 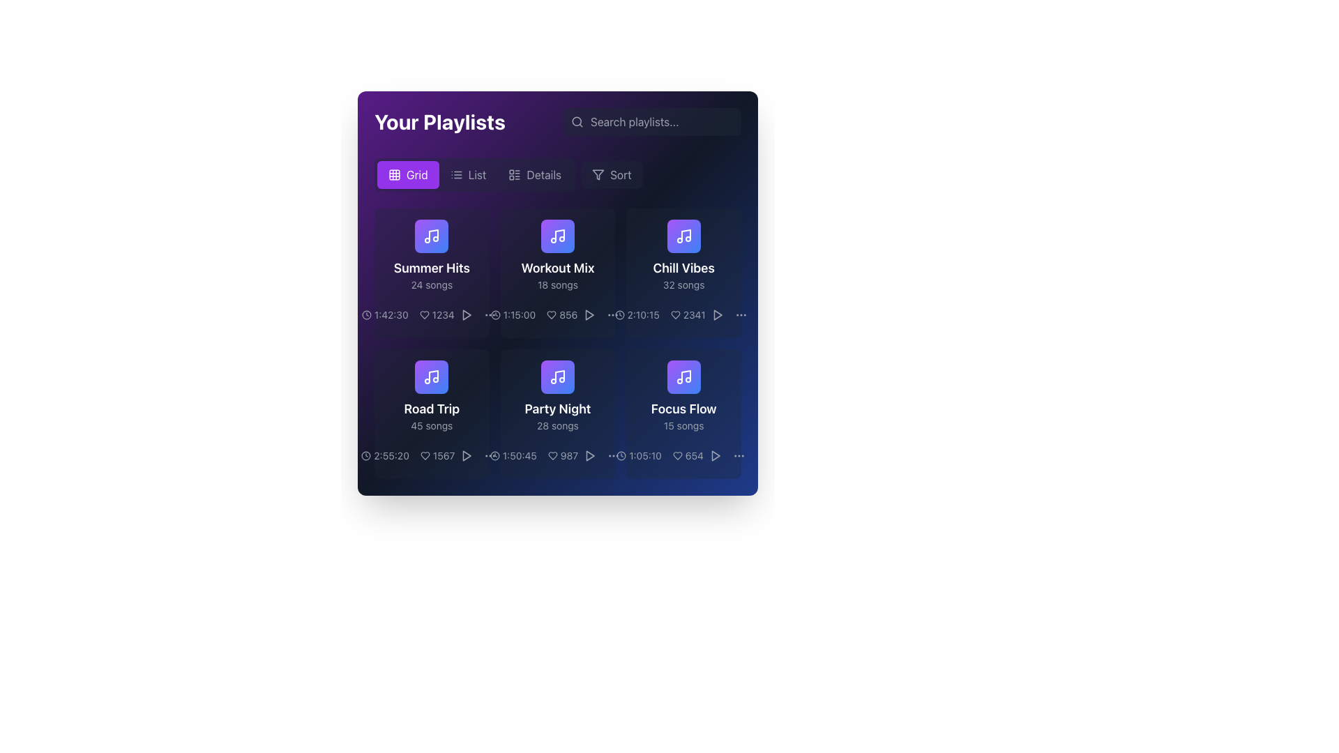 What do you see at coordinates (456, 174) in the screenshot?
I see `the icon-based button represented by a list symbol with three horizontal lines and dots on the left, located in the 'Your Playlists' section of the top navigation bar` at bounding box center [456, 174].